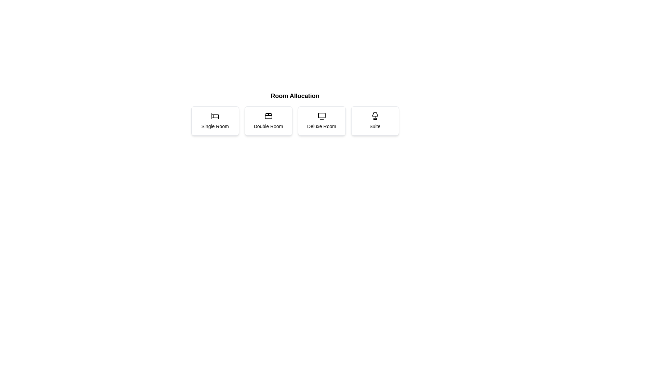 The image size is (656, 369). I want to click on the button corresponding to the room type Deluxe Room, so click(321, 121).